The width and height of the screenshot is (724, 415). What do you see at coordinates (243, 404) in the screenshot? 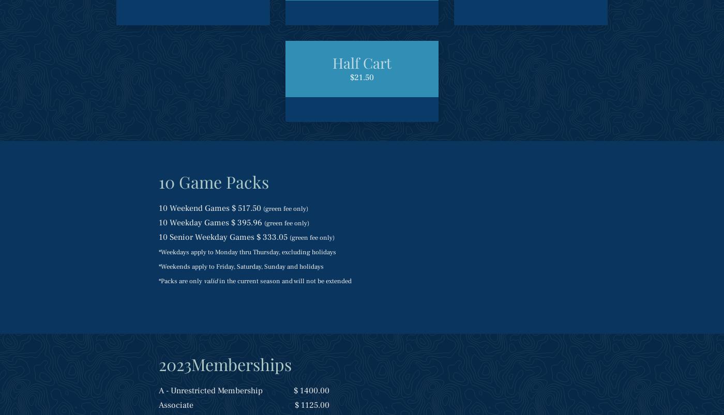
I see `'Associate                                                 $ 1125.00'` at bounding box center [243, 404].